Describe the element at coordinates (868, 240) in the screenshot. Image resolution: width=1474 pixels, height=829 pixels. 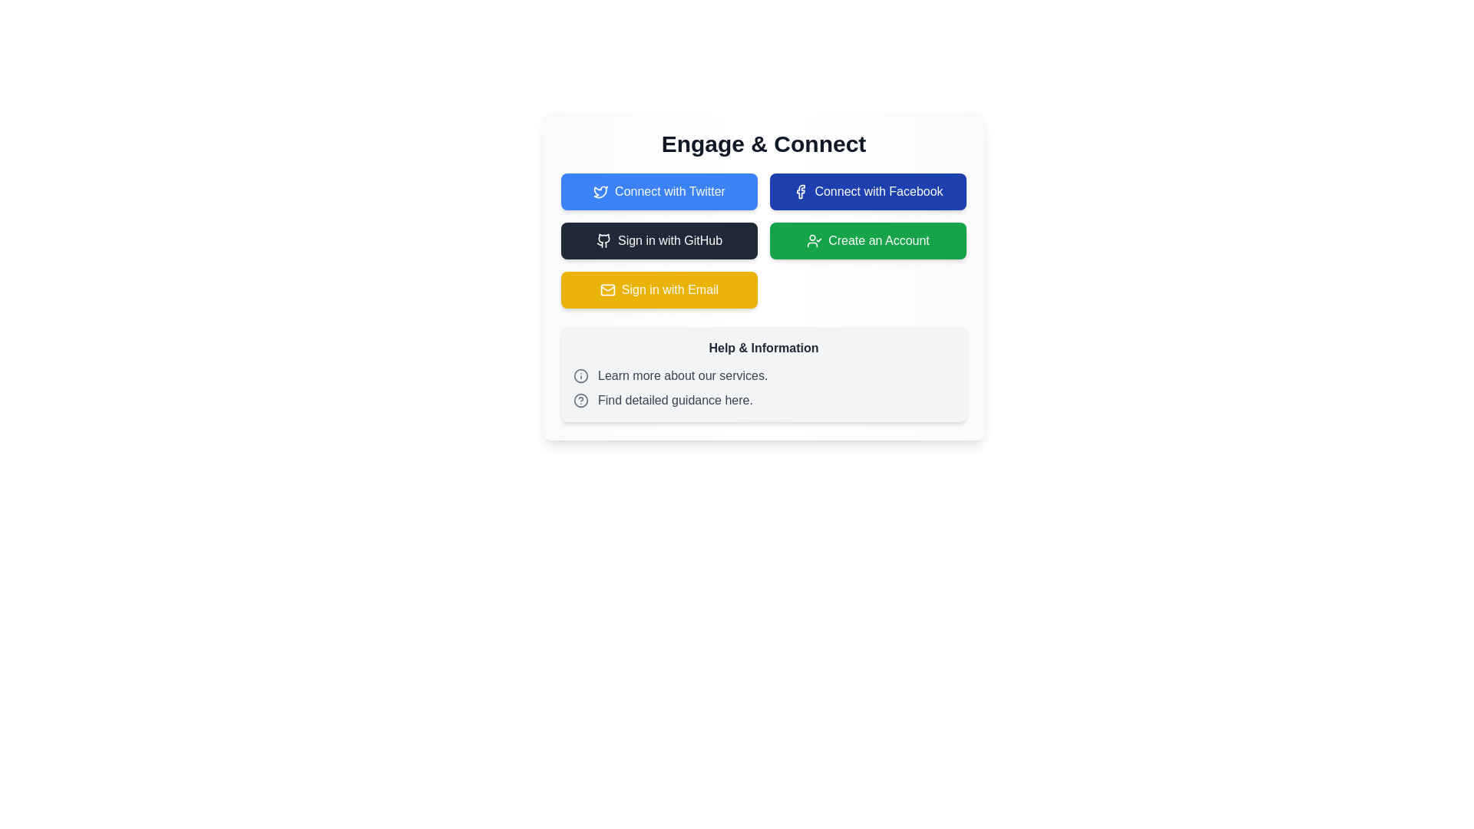
I see `the 'Create Account' button located below the 'Connect with Facebook' button to observe the hover state styling` at that location.